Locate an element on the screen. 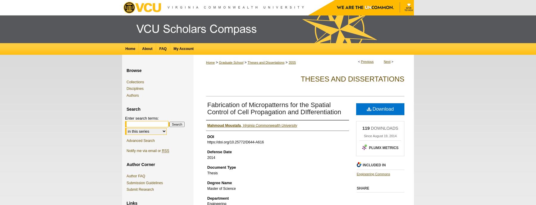  'Document Type' is located at coordinates (221, 167).